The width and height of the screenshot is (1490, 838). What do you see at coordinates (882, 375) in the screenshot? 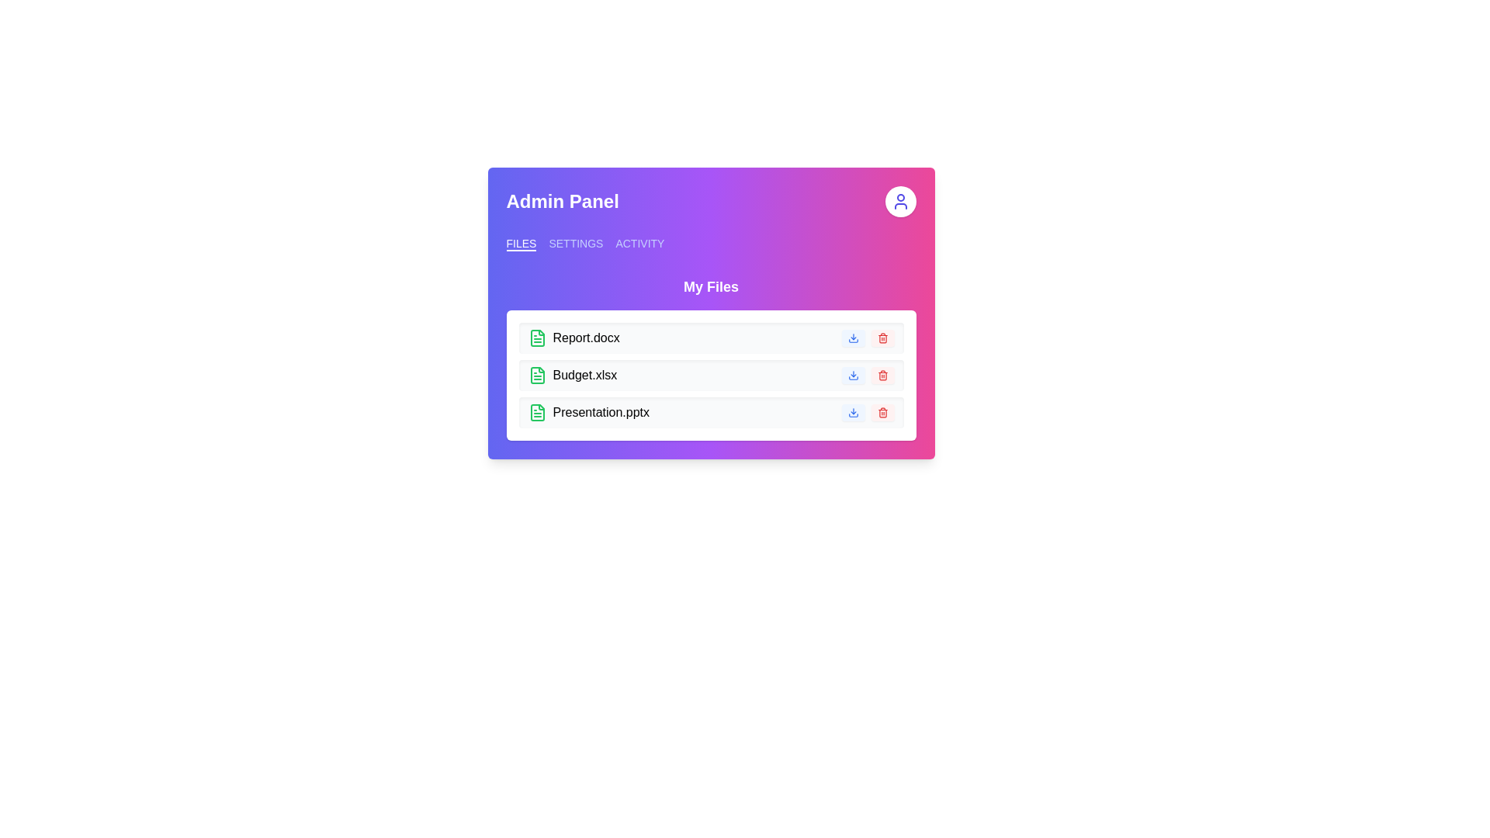
I see `the trash icon located within the red delete button next to the 'Budget.xlsx' file in the 'My Files' section of the 'Admin Panel'` at bounding box center [882, 375].